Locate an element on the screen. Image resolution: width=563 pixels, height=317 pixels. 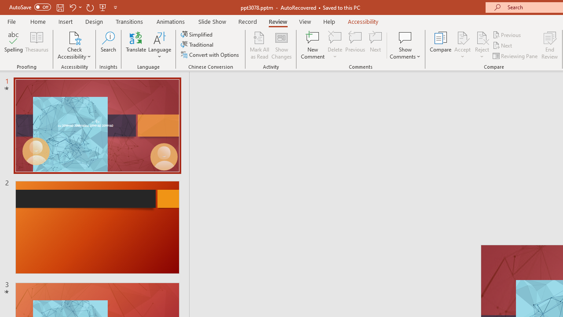
'Convert with Options...' is located at coordinates (210, 55).